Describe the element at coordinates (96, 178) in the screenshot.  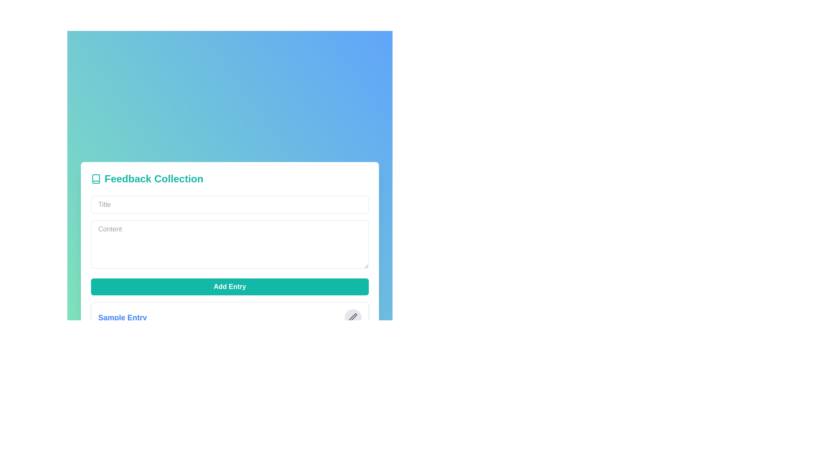
I see `the teal book icon located to the left of the 'Feedback Collection' title in the header section` at that location.